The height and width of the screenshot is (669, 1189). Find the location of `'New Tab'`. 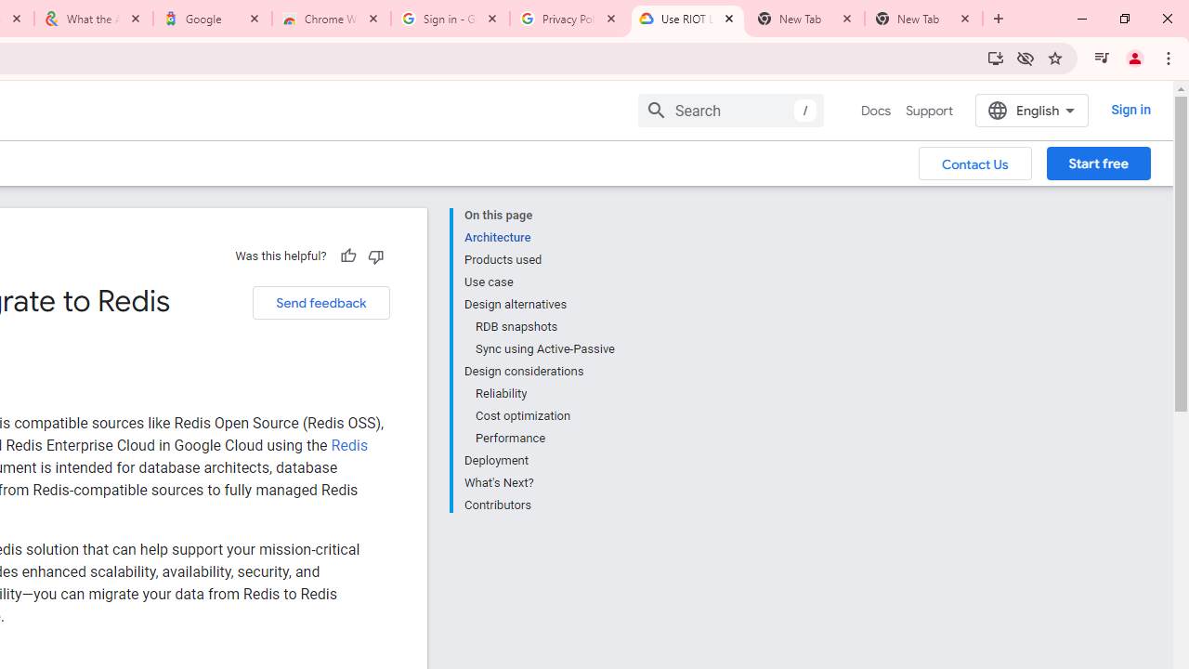

'New Tab' is located at coordinates (923, 19).